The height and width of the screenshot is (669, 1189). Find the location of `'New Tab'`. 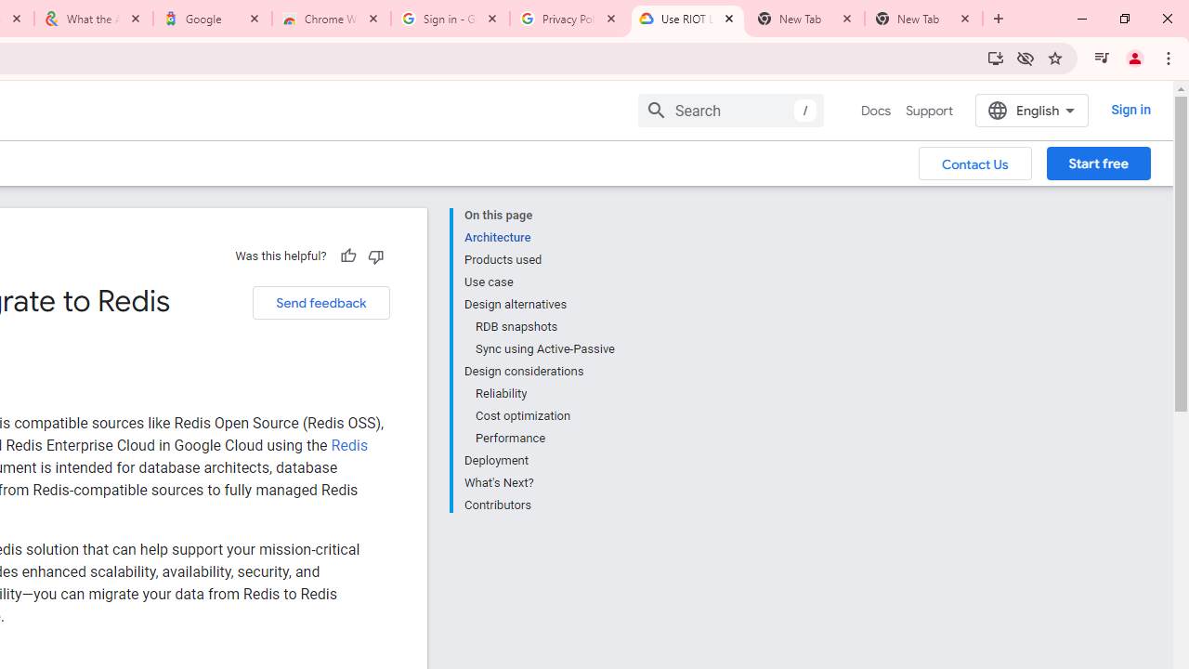

'New Tab' is located at coordinates (923, 19).